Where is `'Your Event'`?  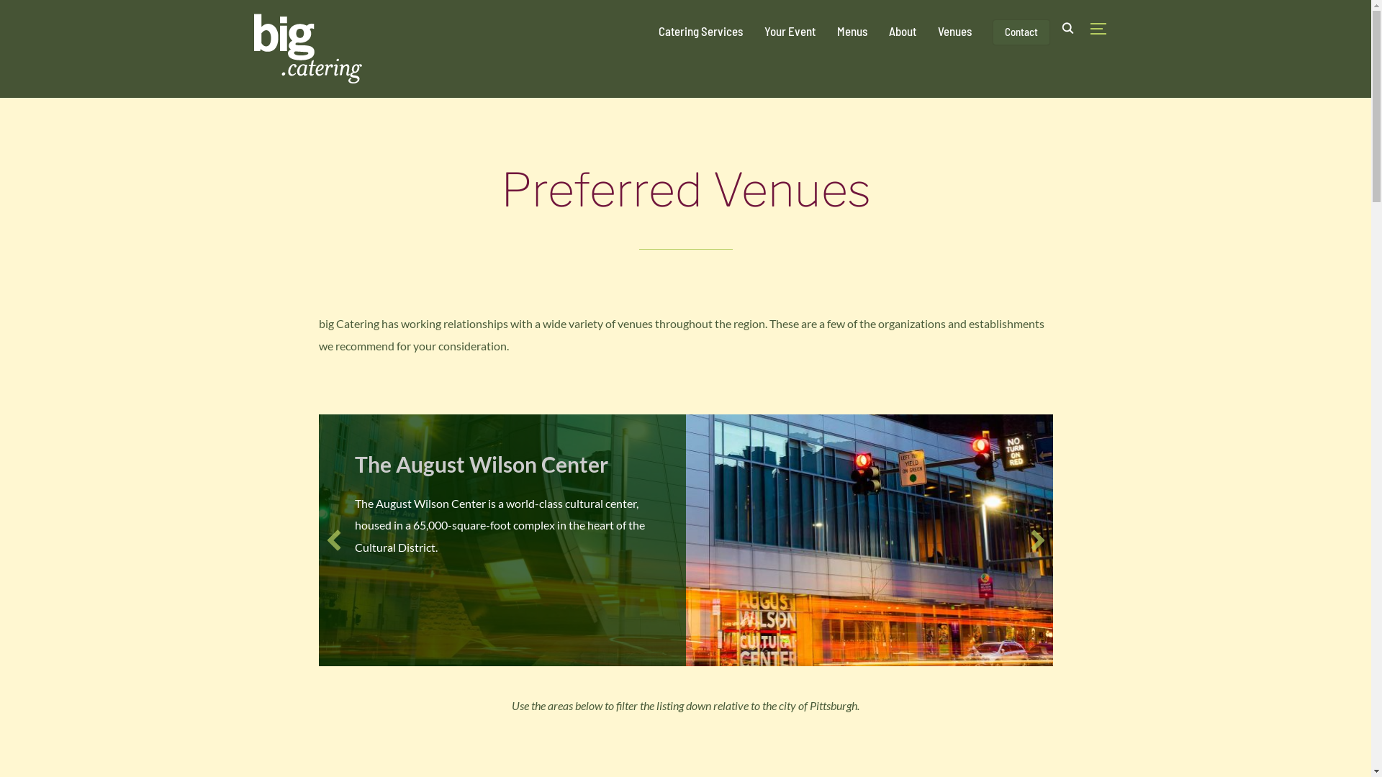
'Your Event' is located at coordinates (789, 30).